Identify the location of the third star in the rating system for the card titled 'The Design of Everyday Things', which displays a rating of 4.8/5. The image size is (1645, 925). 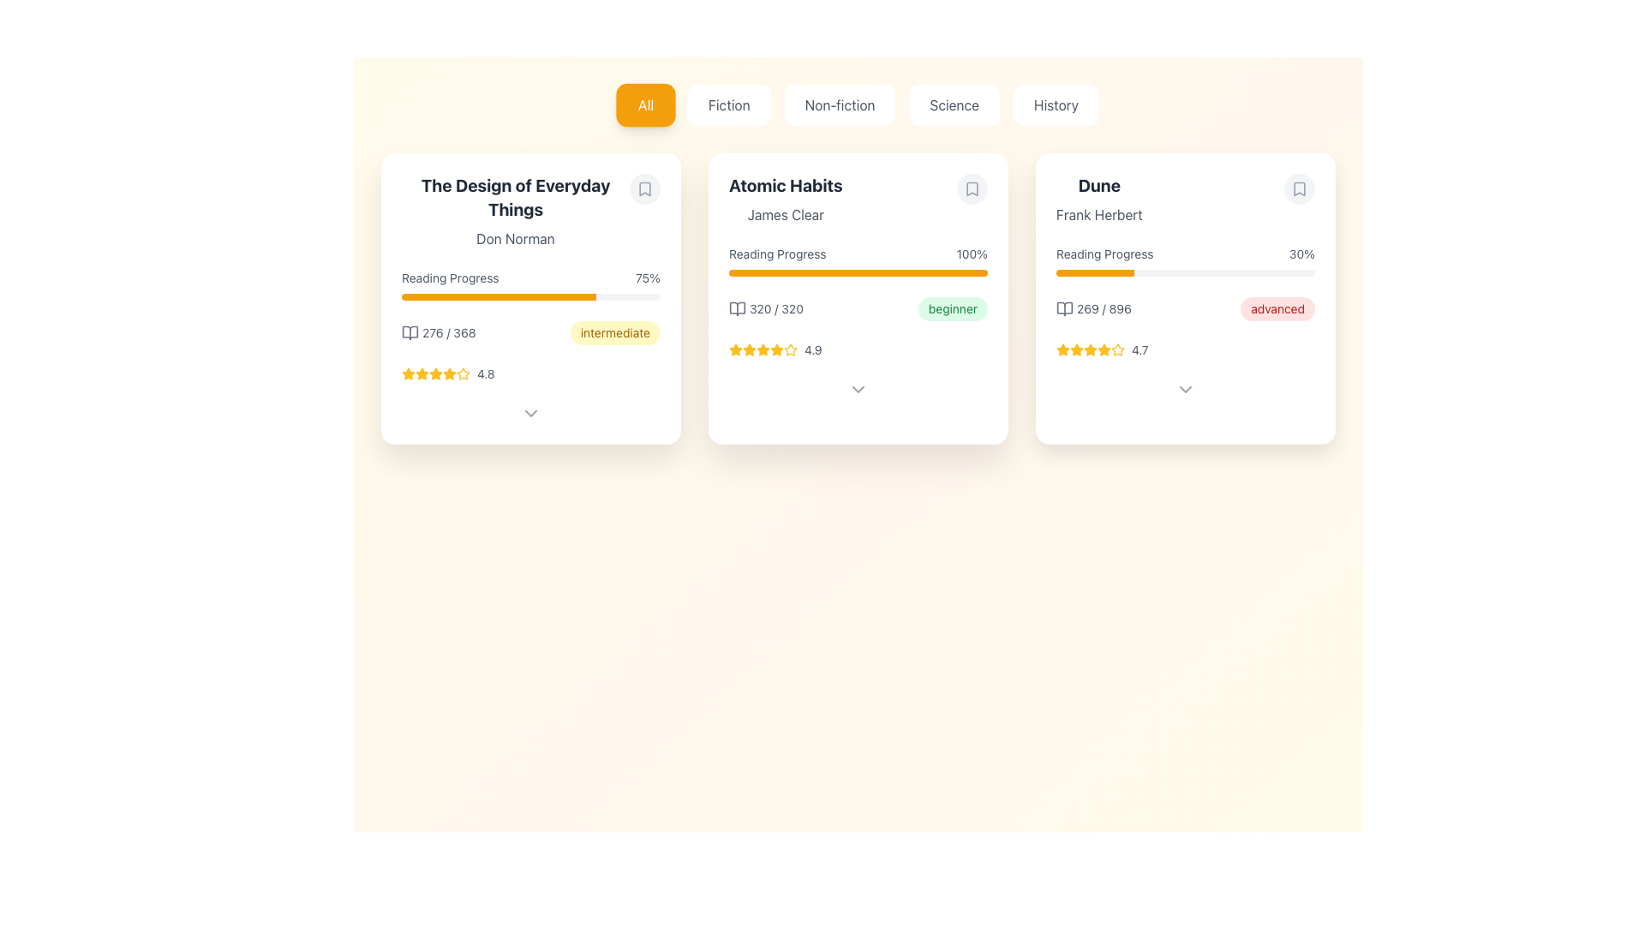
(435, 373).